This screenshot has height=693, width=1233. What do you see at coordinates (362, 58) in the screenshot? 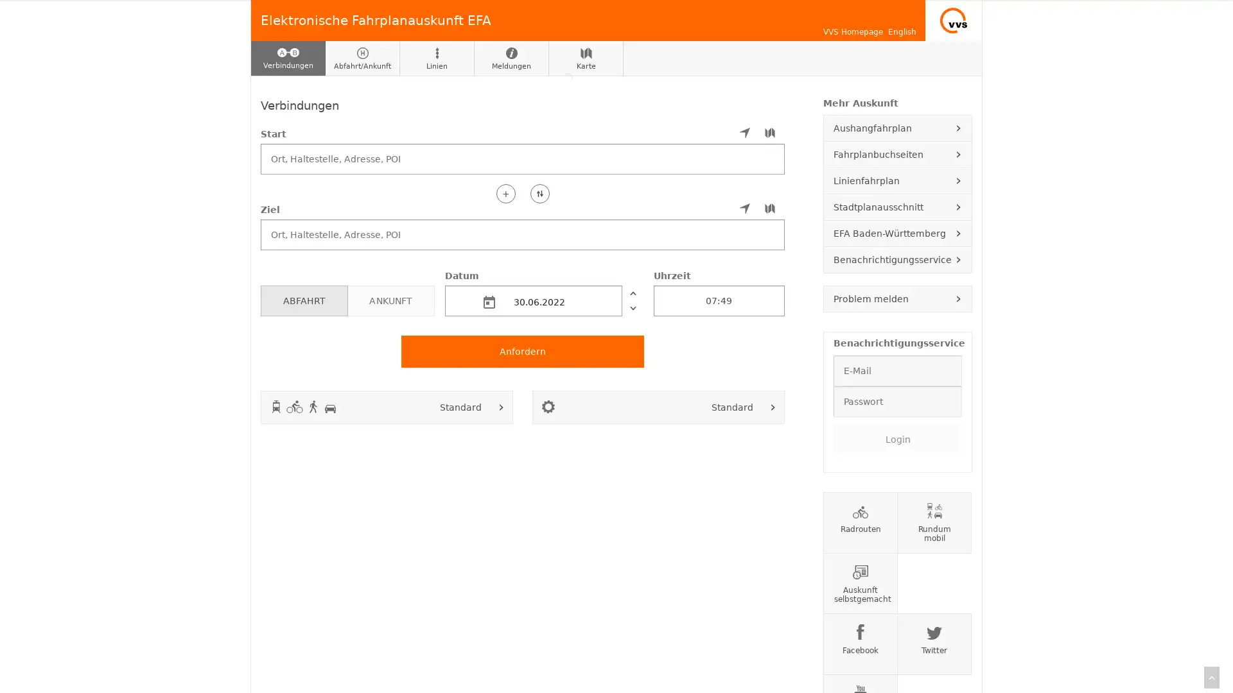
I see `Abfahrt/Ankunft` at bounding box center [362, 58].